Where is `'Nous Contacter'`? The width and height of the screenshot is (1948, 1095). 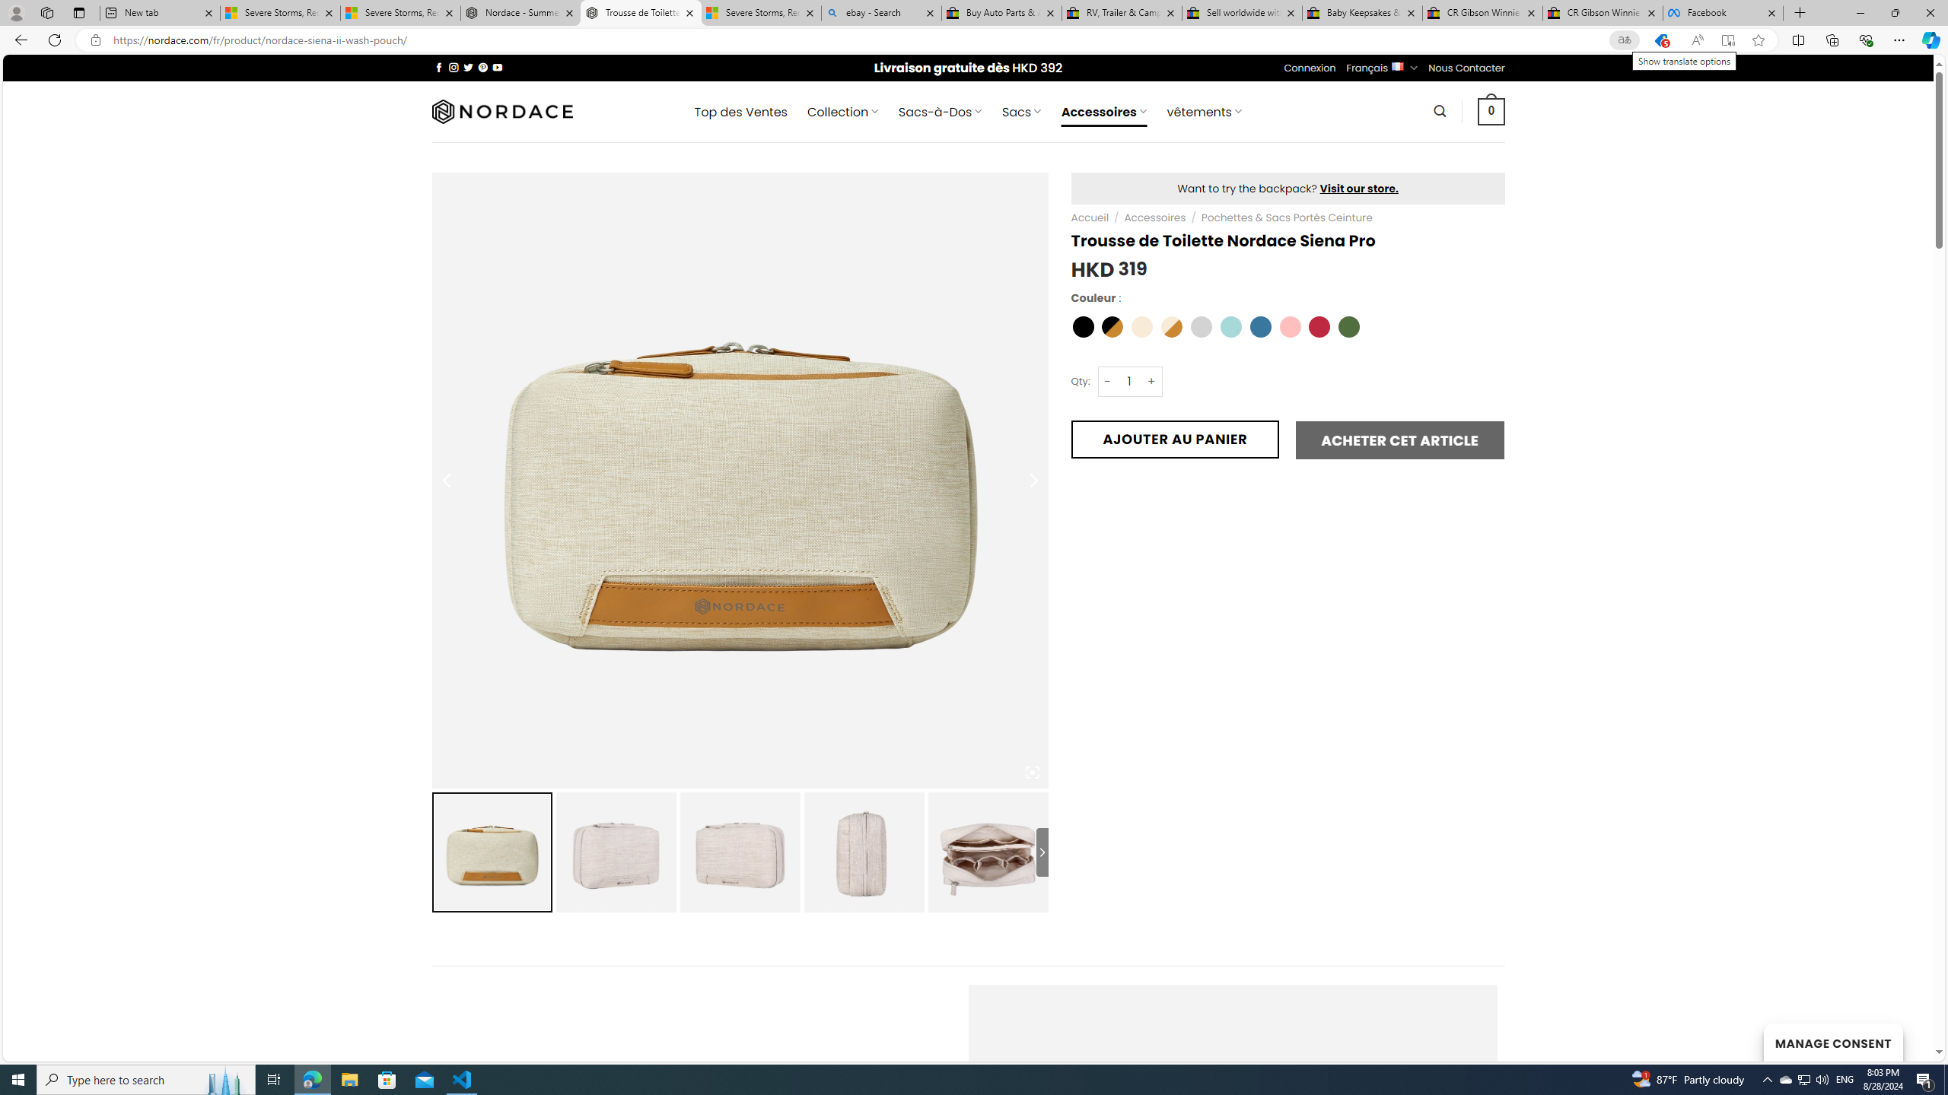 'Nous Contacter' is located at coordinates (1466, 68).